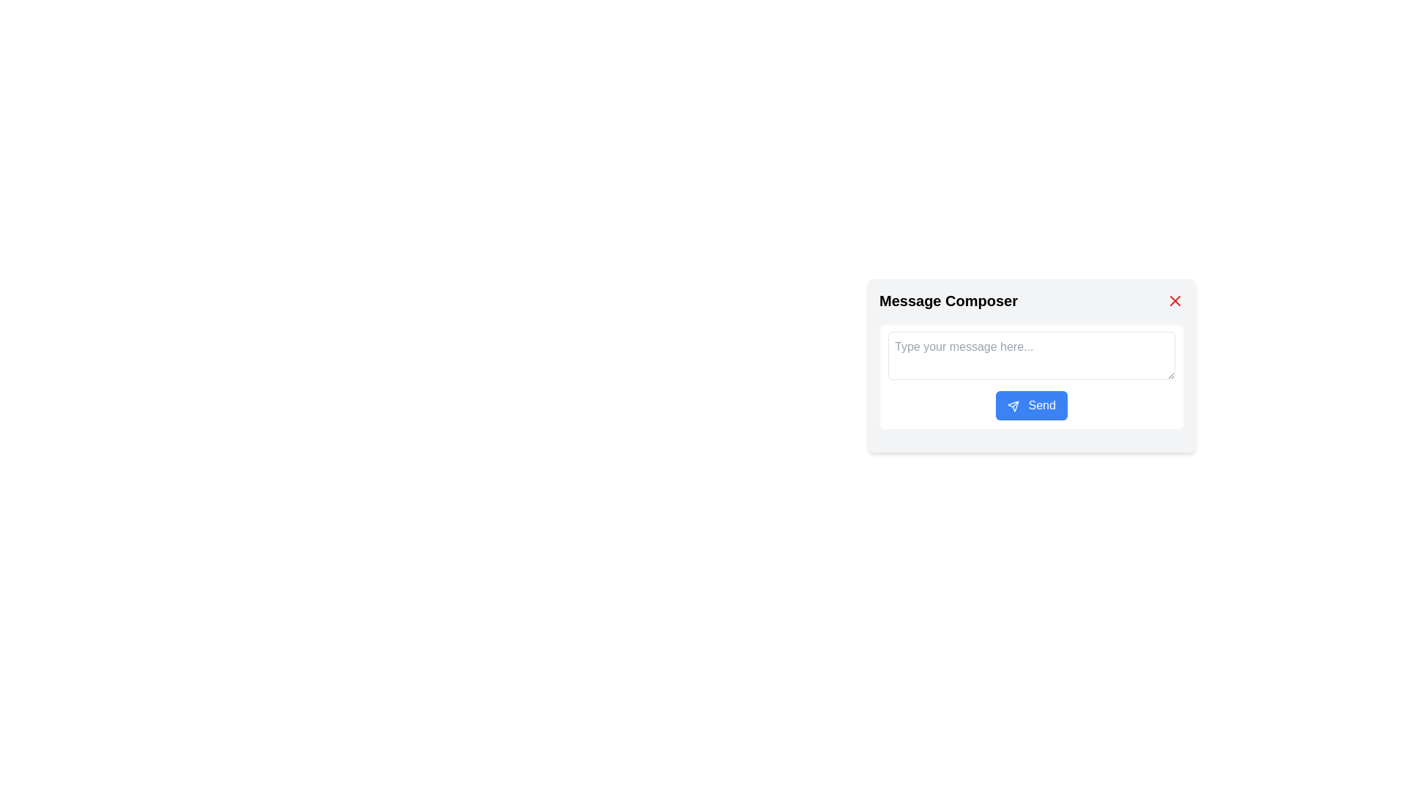  What do you see at coordinates (1013, 406) in the screenshot?
I see `the abstract paper airplane icon located to the left of the 'Send' button text in the message composer interface` at bounding box center [1013, 406].